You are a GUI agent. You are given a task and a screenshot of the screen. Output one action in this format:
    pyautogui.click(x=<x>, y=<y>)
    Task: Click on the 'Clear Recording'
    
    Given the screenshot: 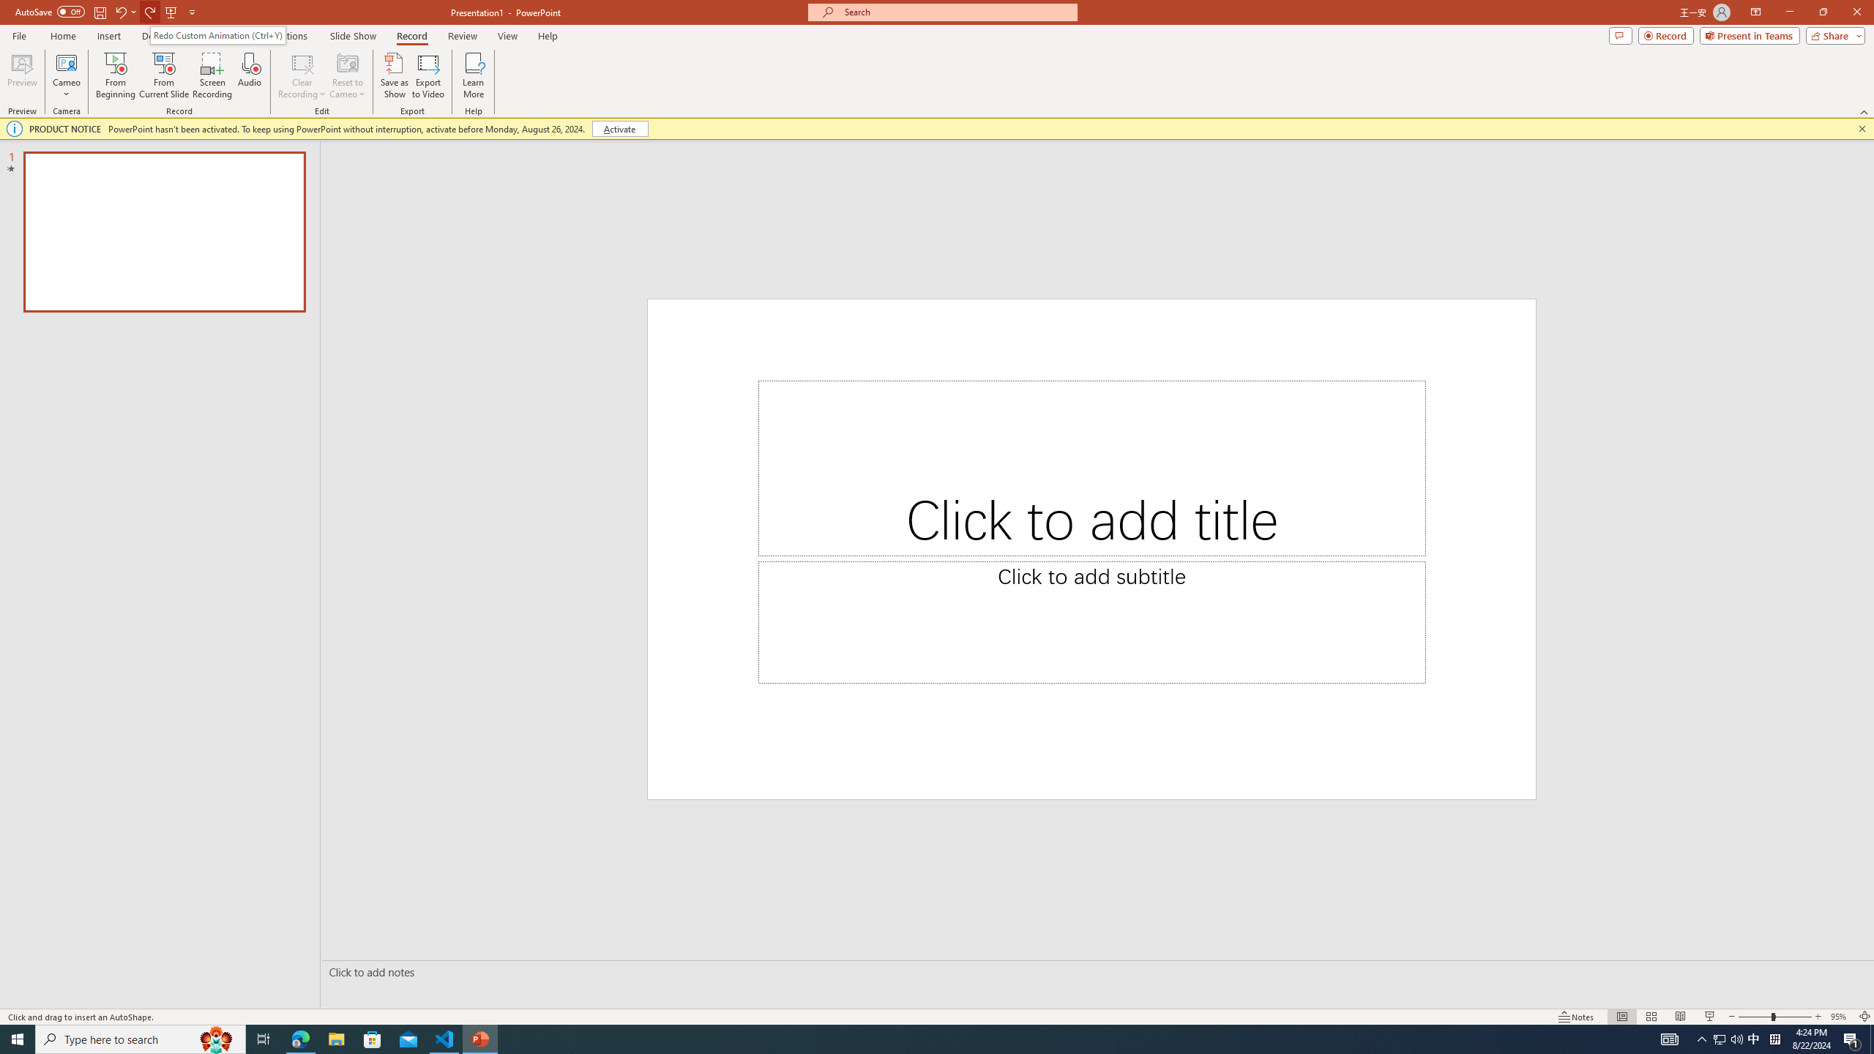 What is the action you would take?
    pyautogui.click(x=302, y=75)
    